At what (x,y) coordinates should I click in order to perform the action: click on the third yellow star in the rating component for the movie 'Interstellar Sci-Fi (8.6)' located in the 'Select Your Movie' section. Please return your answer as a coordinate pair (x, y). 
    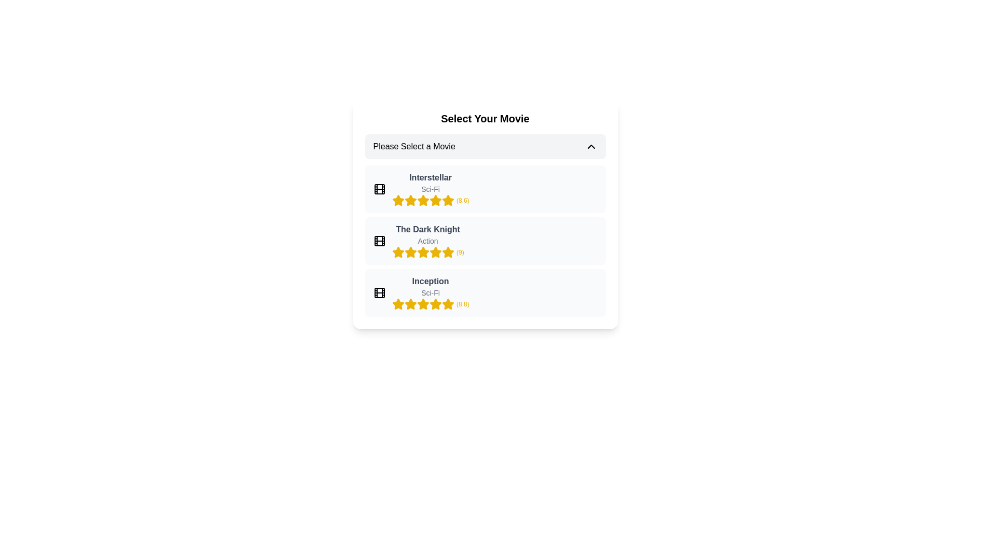
    Looking at the image, I should click on (410, 200).